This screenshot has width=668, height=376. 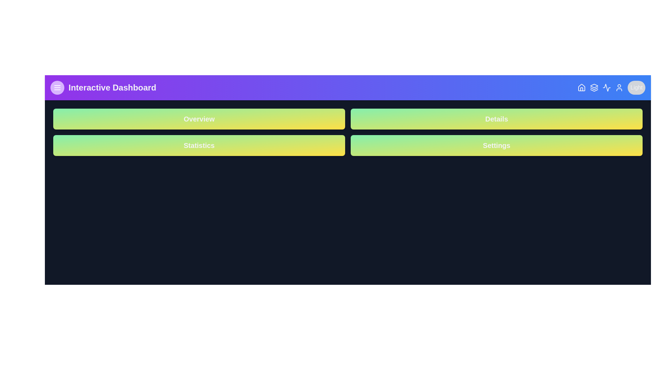 I want to click on the Home icon in the header, so click(x=582, y=87).